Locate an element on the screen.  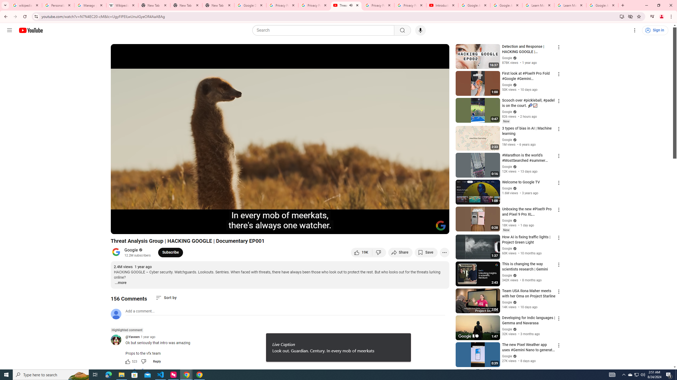
'Seek slider' is located at coordinates (280, 221).